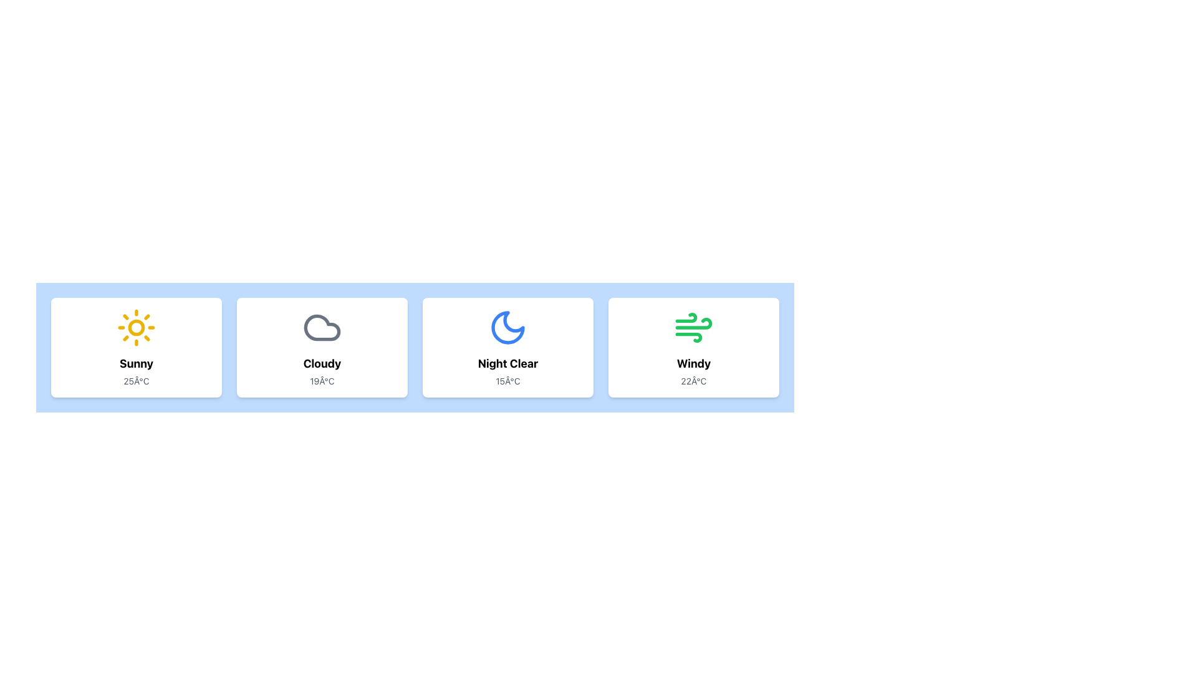  What do you see at coordinates (322, 348) in the screenshot?
I see `information displayed on the weather condition card showing 'Cloudy' with a temperature of '19°C', which is the second card in a horizontal grid of weather cards` at bounding box center [322, 348].